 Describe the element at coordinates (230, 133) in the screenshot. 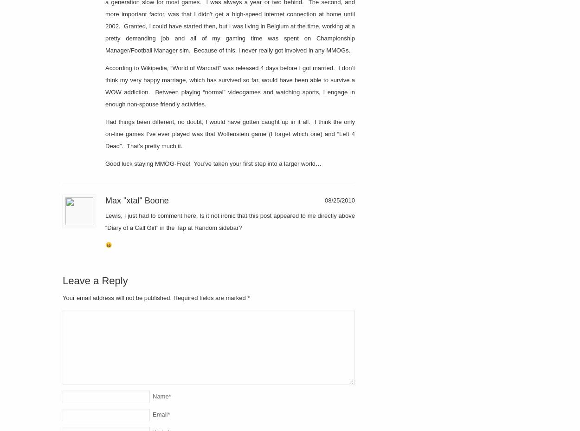

I see `'Had things been different, no doubt, I would have gotten caught up in it all.  I think the only on-line games I’ve ever played was that Wolfenstein game (I forget which one) and “Left 4 Dead”.  That’s pretty much it.'` at that location.